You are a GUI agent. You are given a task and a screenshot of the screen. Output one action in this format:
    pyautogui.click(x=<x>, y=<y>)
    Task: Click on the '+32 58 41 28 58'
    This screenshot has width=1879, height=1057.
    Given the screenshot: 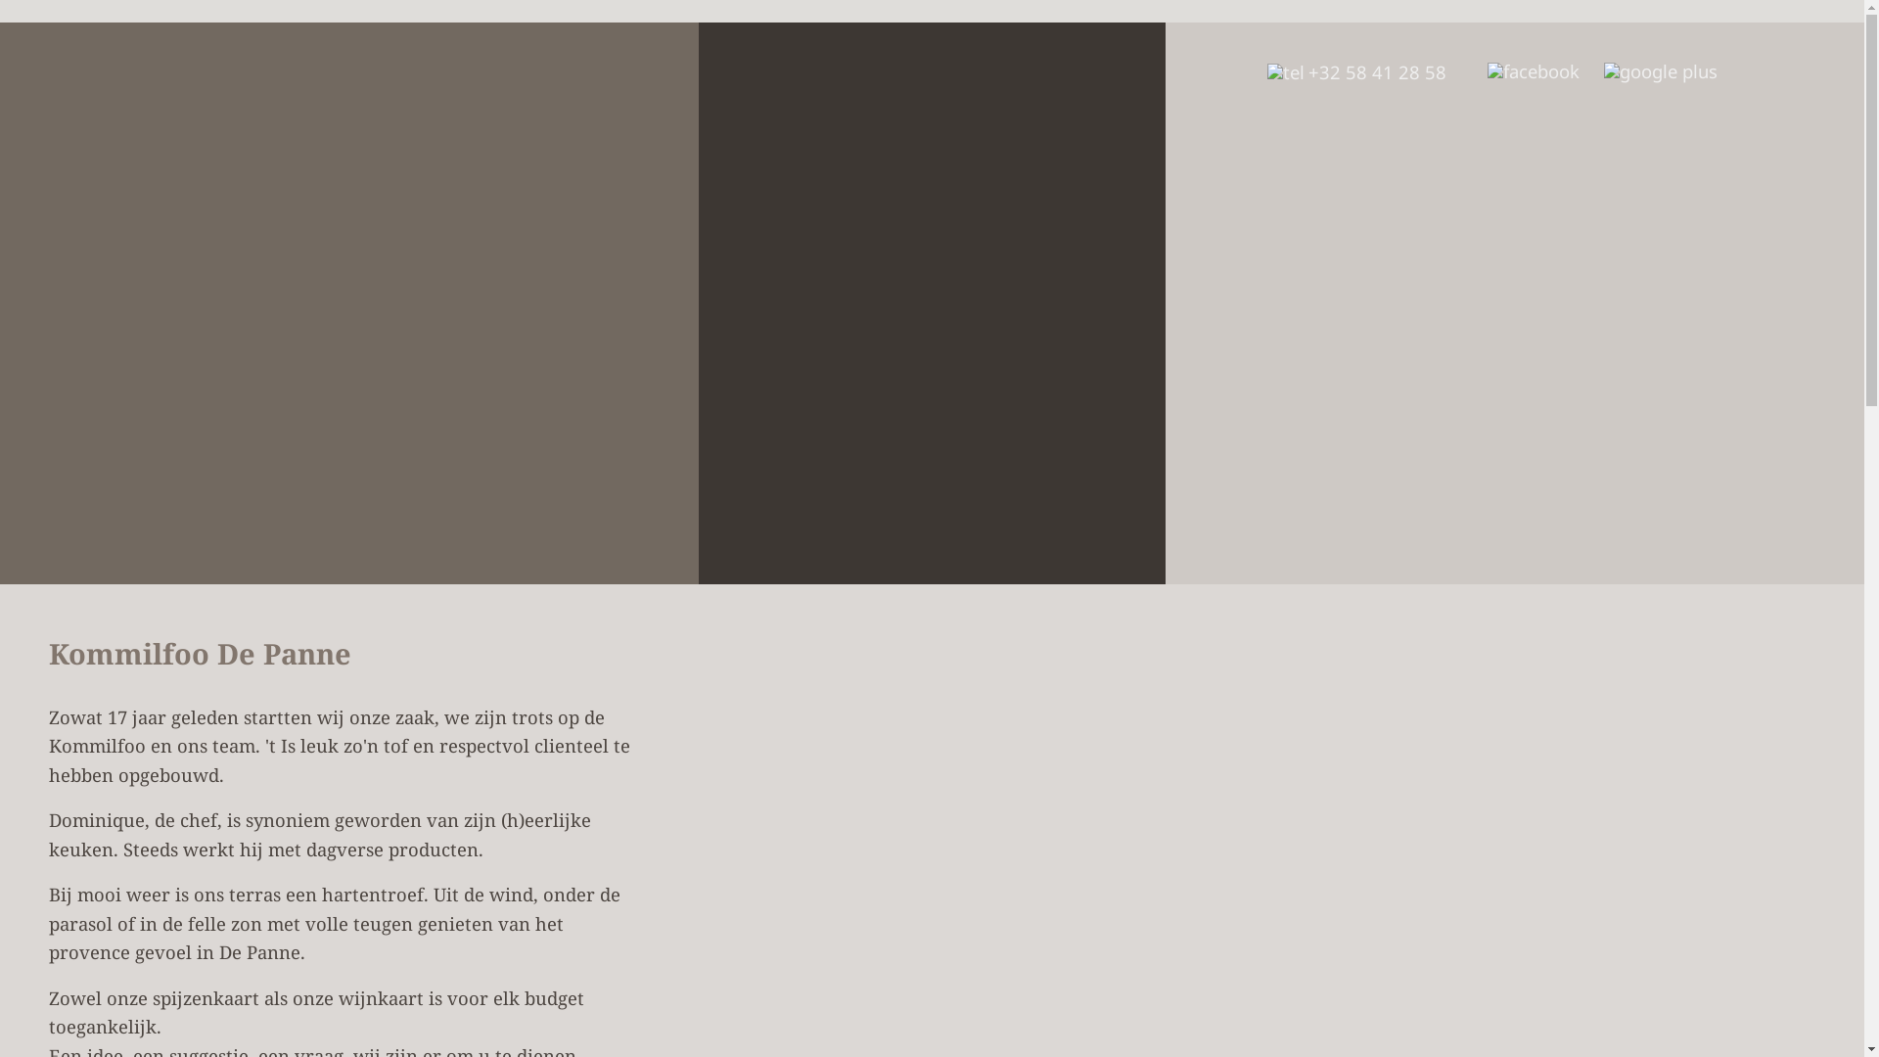 What is the action you would take?
    pyautogui.click(x=1355, y=70)
    